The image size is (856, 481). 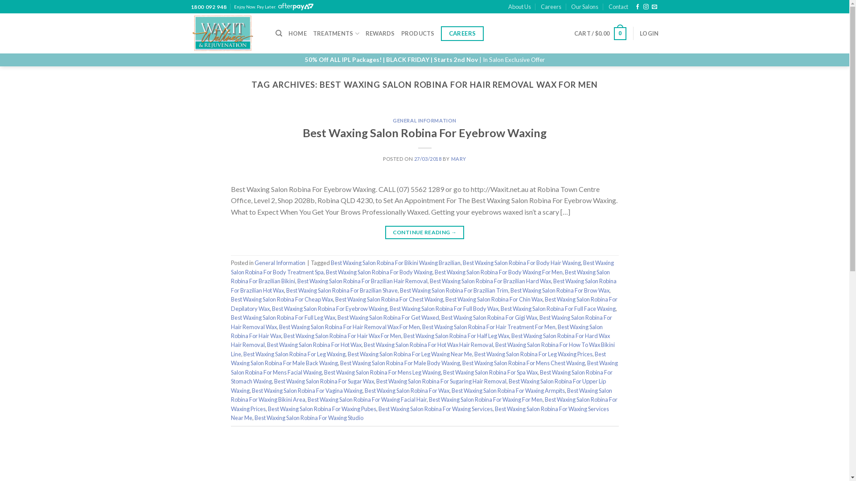 What do you see at coordinates (559, 290) in the screenshot?
I see `'Best Waxing Salon Robina For Brow Wax'` at bounding box center [559, 290].